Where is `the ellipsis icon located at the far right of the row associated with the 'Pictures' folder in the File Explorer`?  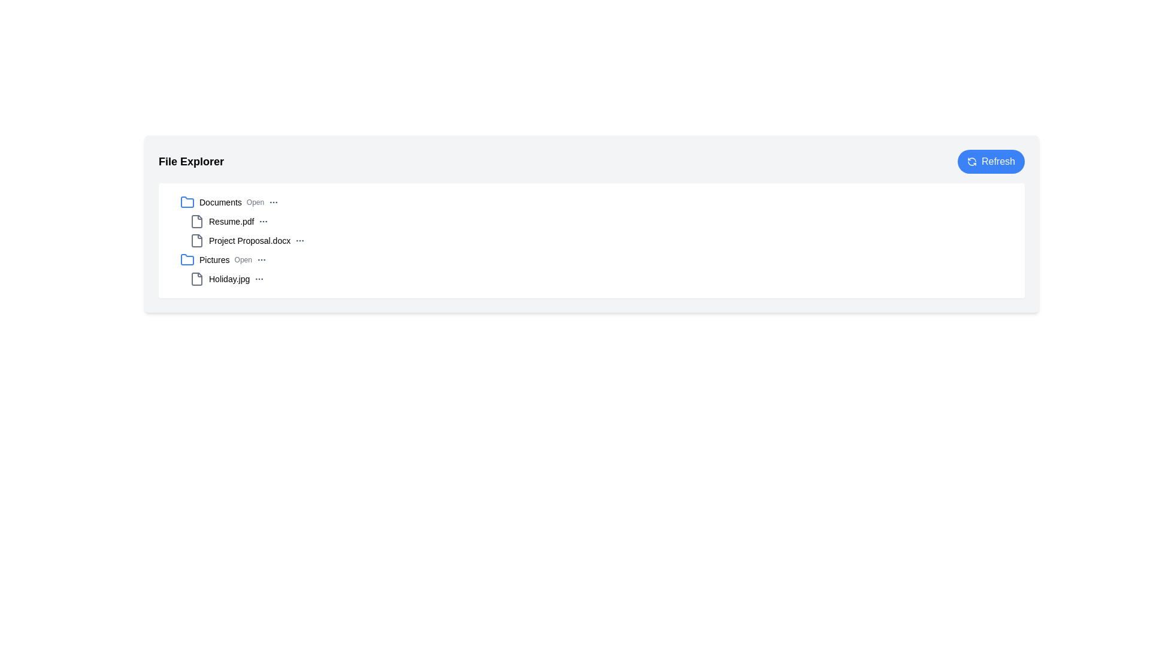 the ellipsis icon located at the far right of the row associated with the 'Pictures' folder in the File Explorer is located at coordinates (261, 259).